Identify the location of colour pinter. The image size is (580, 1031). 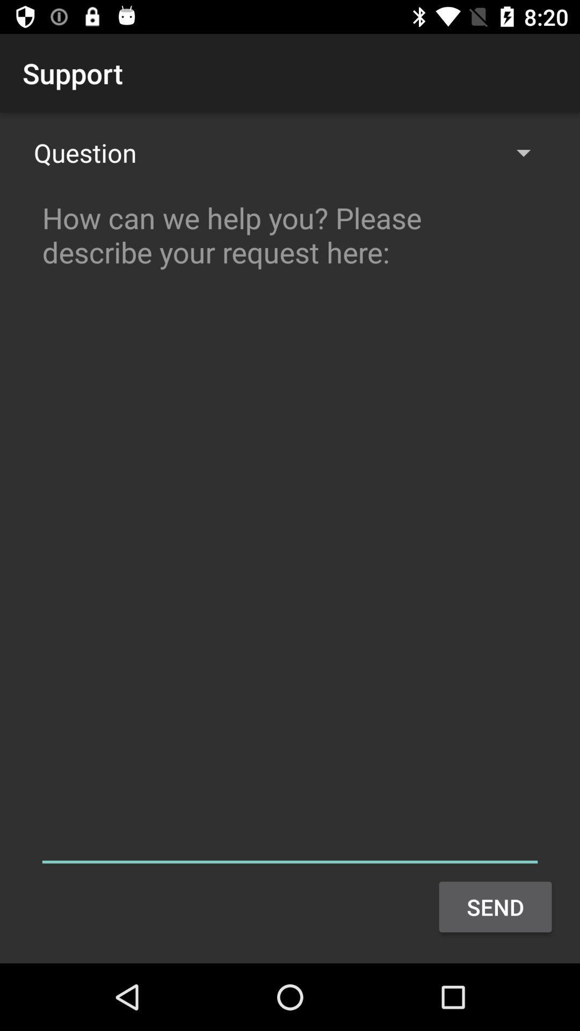
(290, 528).